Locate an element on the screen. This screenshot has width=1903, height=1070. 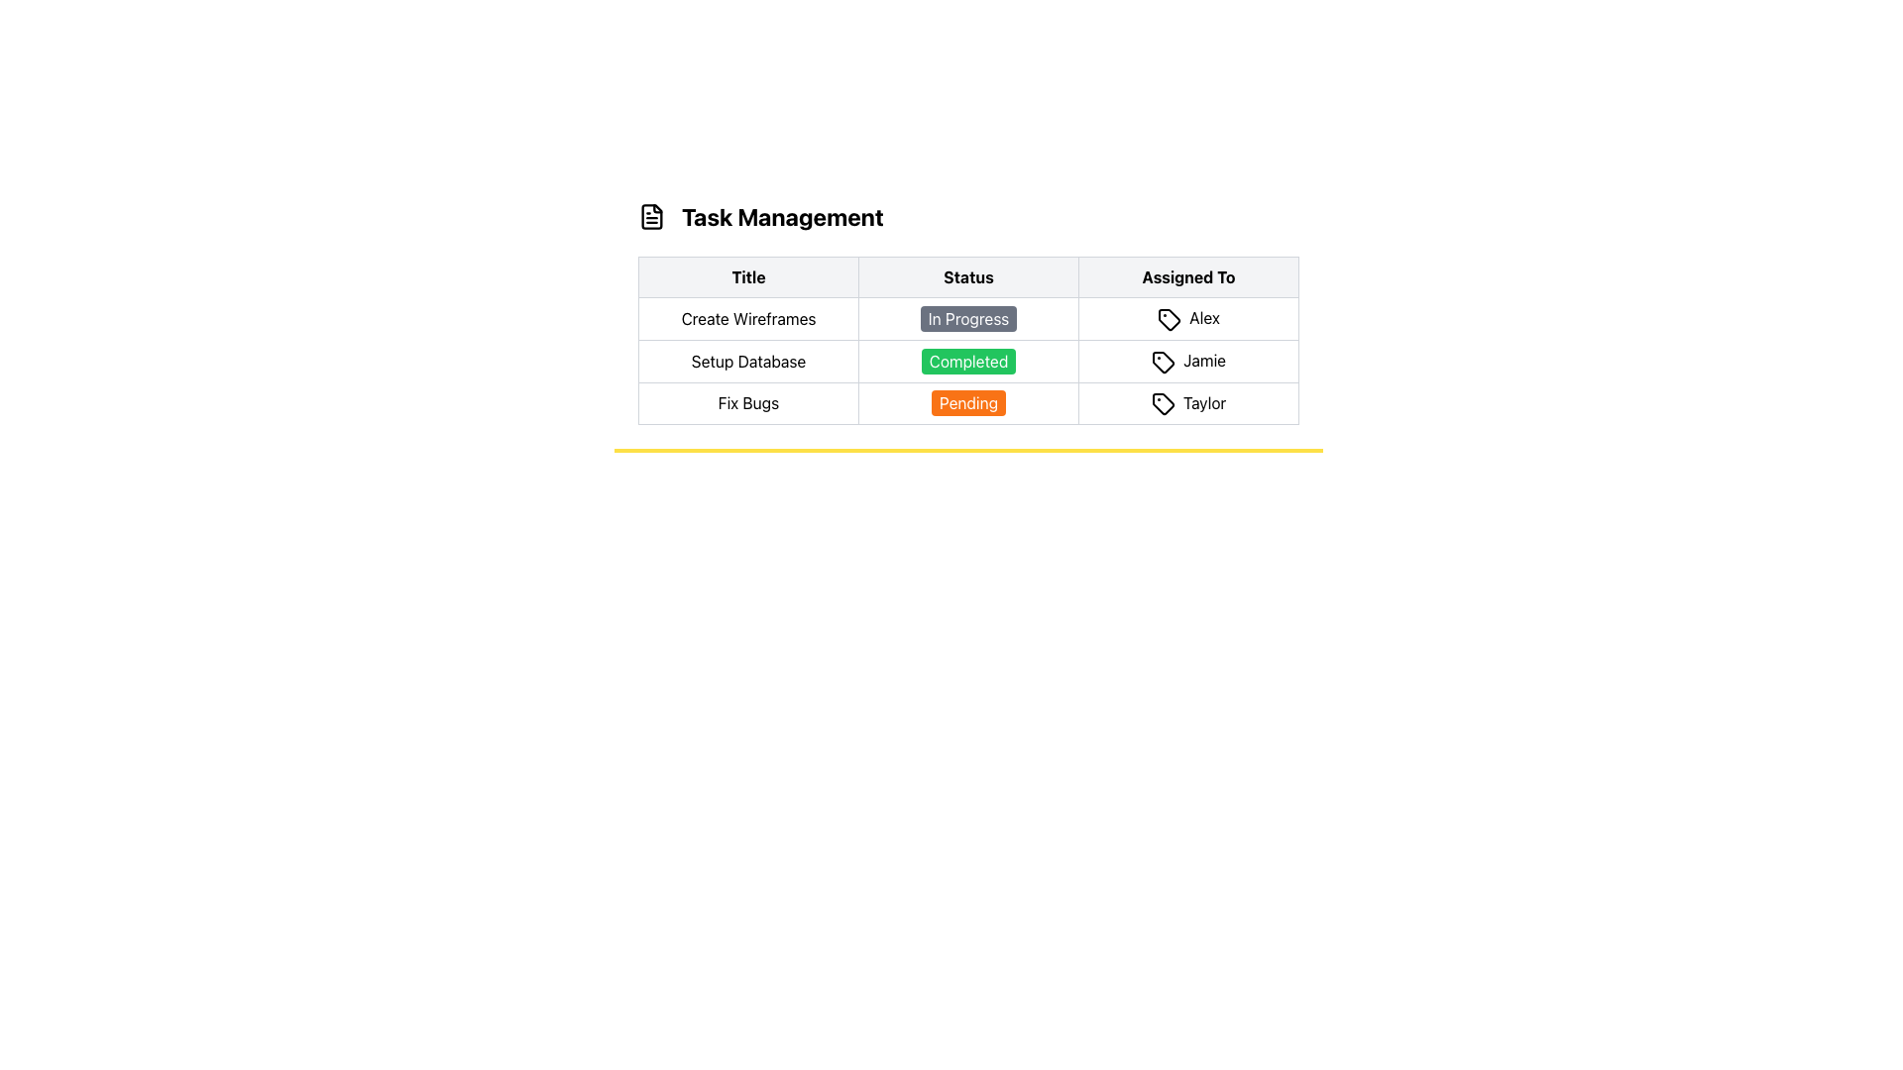
the simplistic document icon with a folded corner located near the top-left corner of the interface, directly above the center of the table is located at coordinates (651, 217).